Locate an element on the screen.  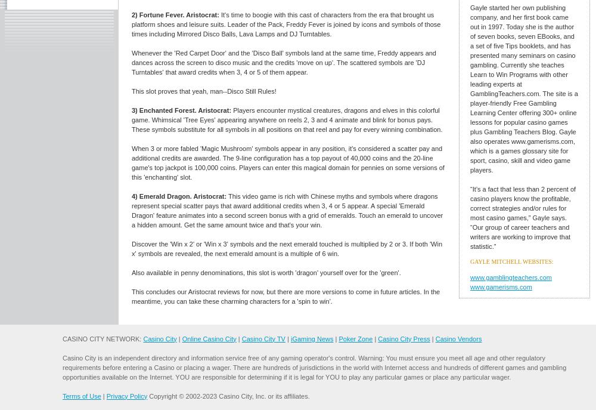
'Casino City is an independent directory and information service free of any gaming operator's control.
			Warning: You must ensure you meet all age and other regulatory requirements before entering a
			Casino or placing a wager.  There are hundreds of jurisdictions in the world with Internet access and
			hundreds of different games and gambling opportunities available on the Internet.
			YOU are responsible for determining if it is legal for YOU to play any particular games or place any
			particular wager.' is located at coordinates (314, 366).